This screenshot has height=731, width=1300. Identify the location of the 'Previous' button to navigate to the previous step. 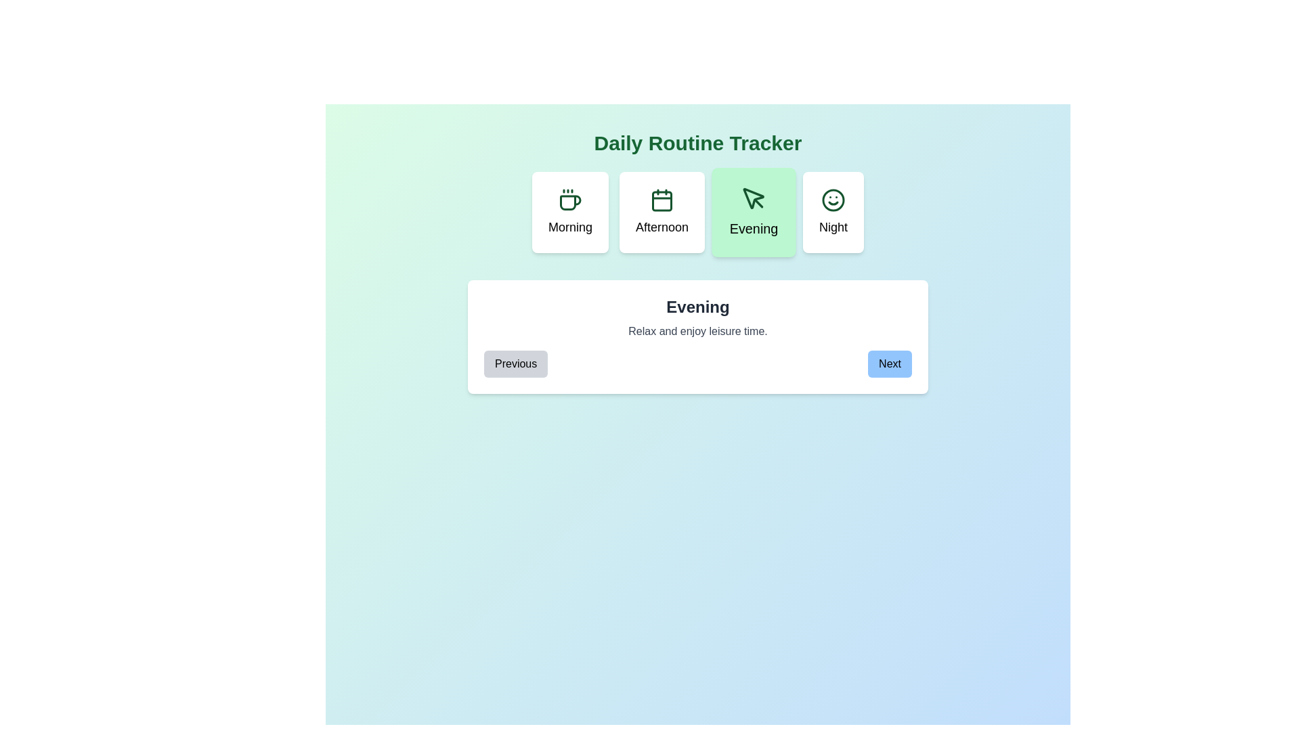
(515, 363).